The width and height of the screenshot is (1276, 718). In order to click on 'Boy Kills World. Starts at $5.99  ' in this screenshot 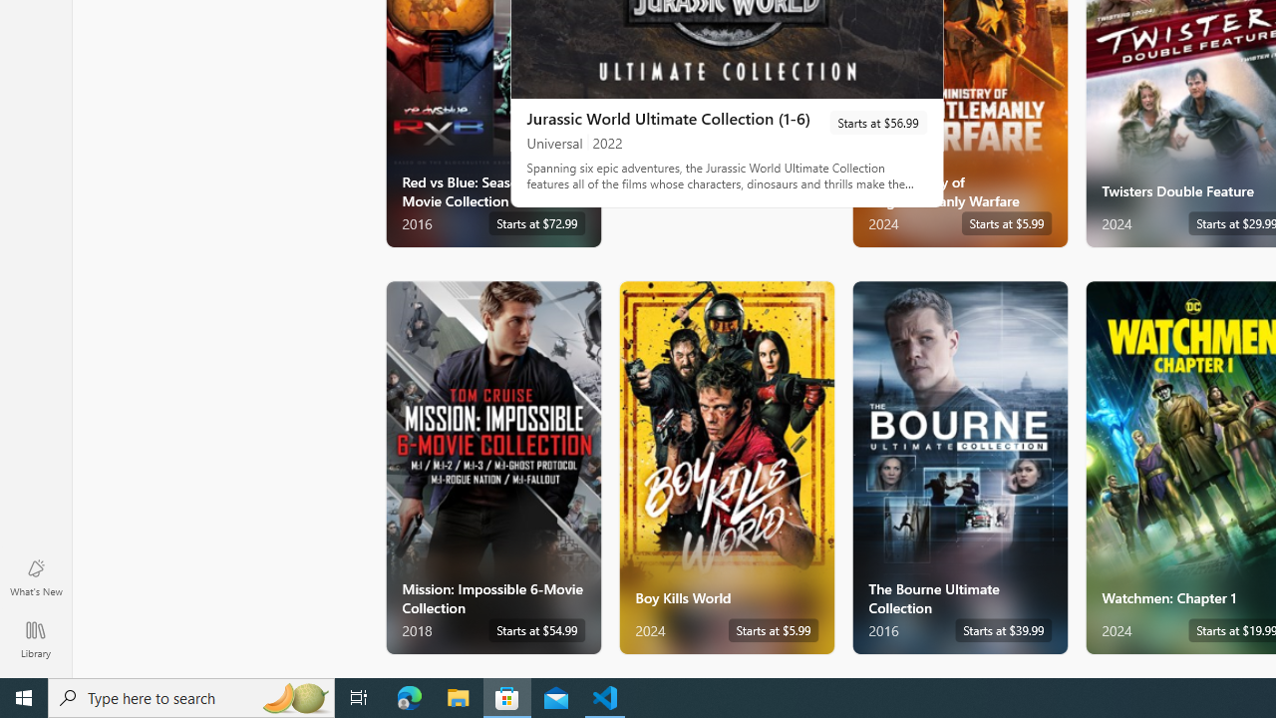, I will do `click(725, 467)`.